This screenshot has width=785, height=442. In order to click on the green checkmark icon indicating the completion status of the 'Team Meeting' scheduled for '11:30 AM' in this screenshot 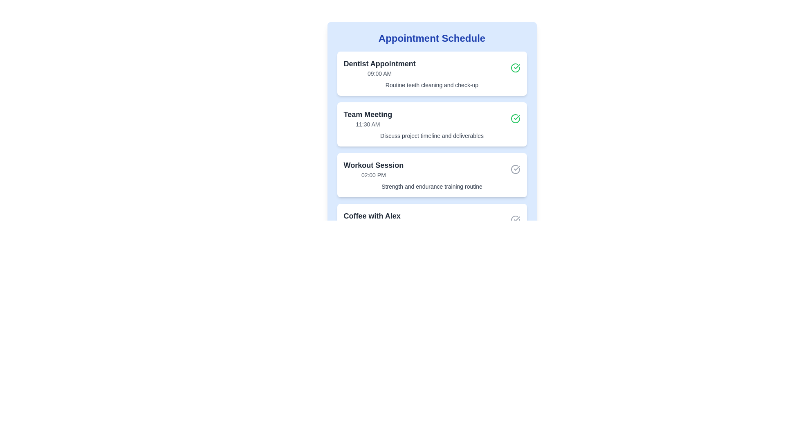, I will do `click(515, 118)`.